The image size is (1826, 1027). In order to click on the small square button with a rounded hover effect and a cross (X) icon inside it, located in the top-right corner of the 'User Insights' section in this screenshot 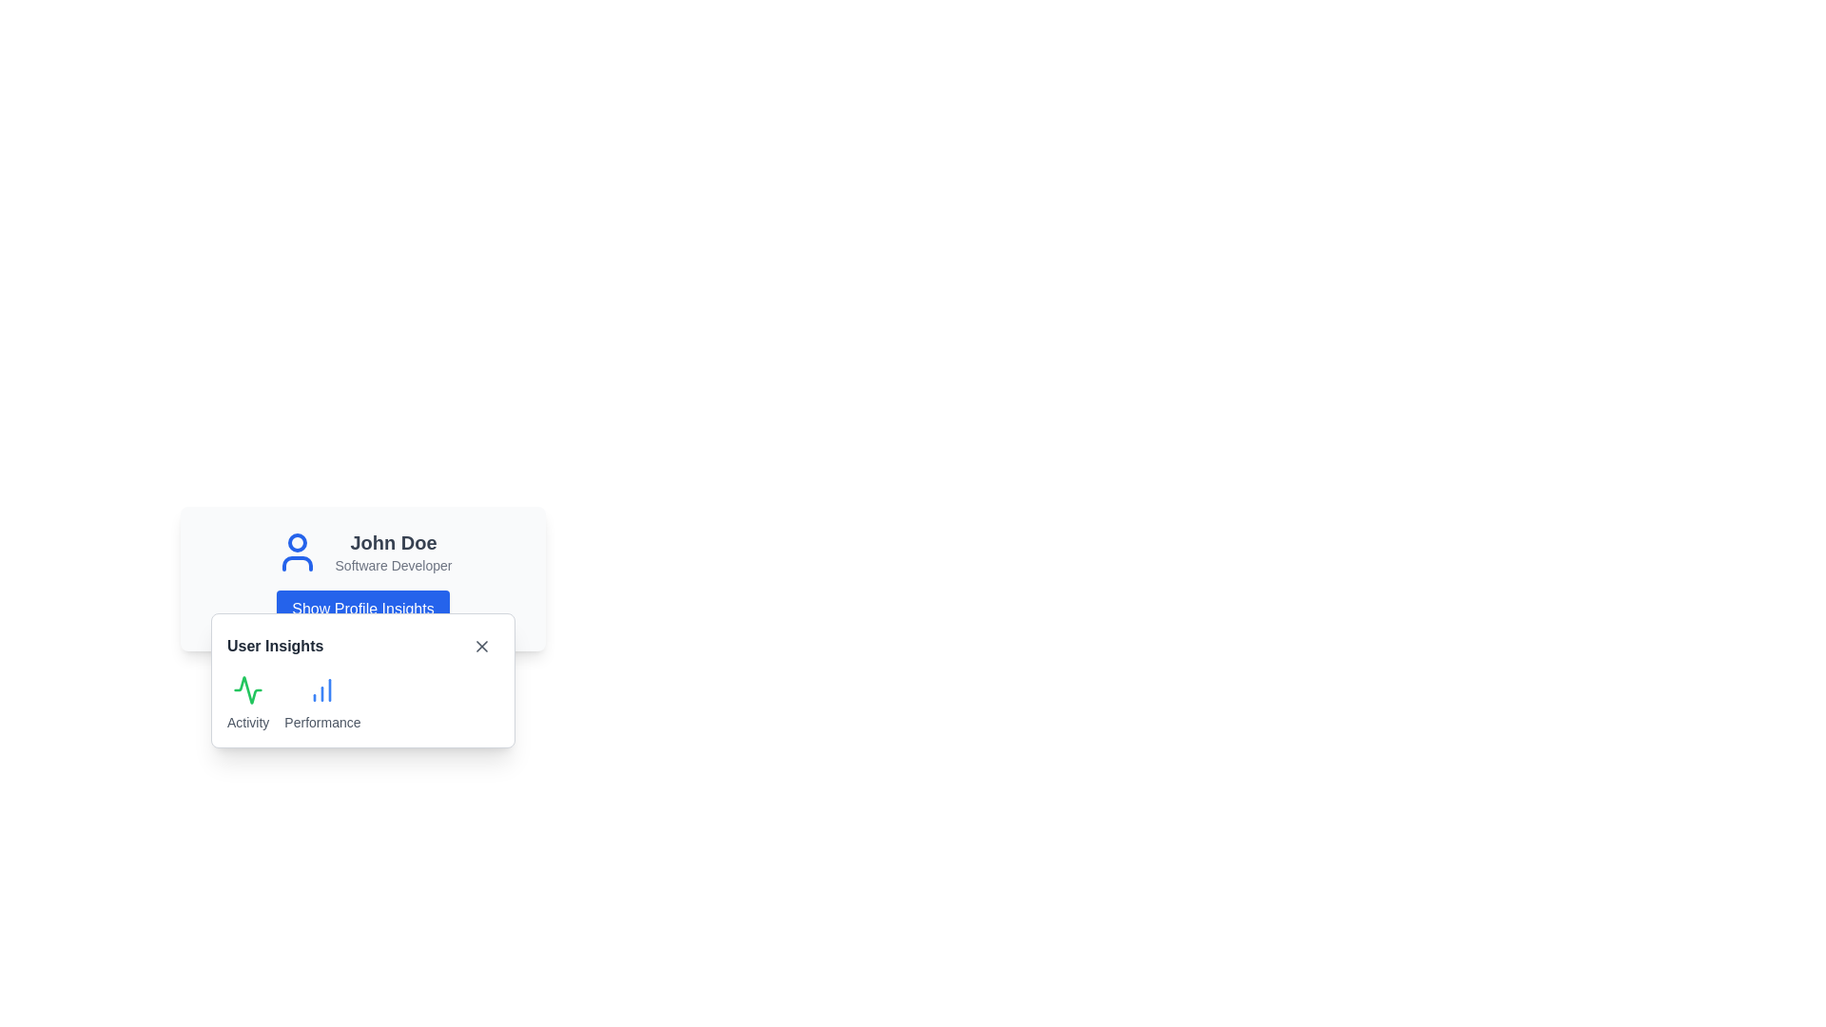, I will do `click(482, 645)`.